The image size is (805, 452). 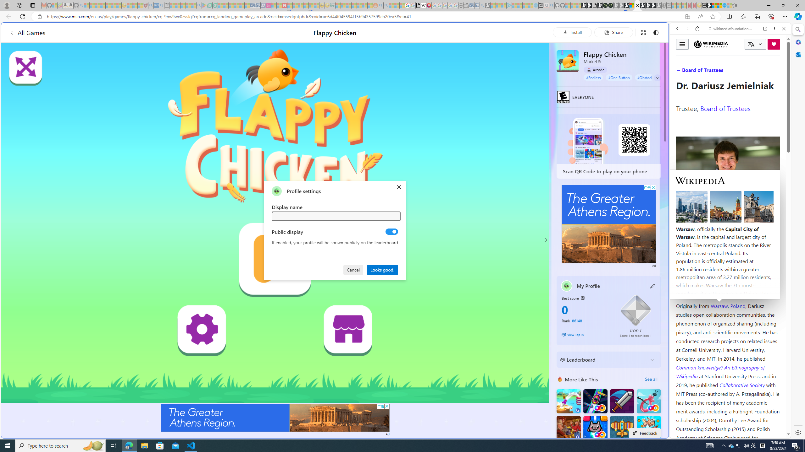 What do you see at coordinates (188, 5) in the screenshot?
I see `'Pets - MSN - Sleeping'` at bounding box center [188, 5].